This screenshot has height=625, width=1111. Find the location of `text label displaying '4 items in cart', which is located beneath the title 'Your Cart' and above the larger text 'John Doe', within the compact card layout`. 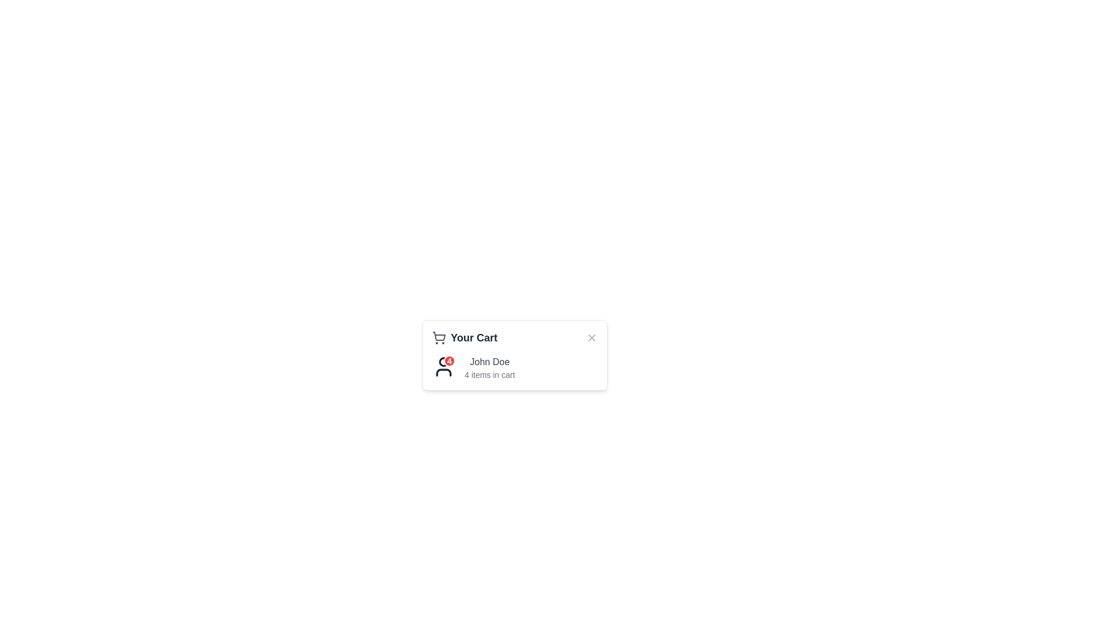

text label displaying '4 items in cart', which is located beneath the title 'Your Cart' and above the larger text 'John Doe', within the compact card layout is located at coordinates (490, 375).